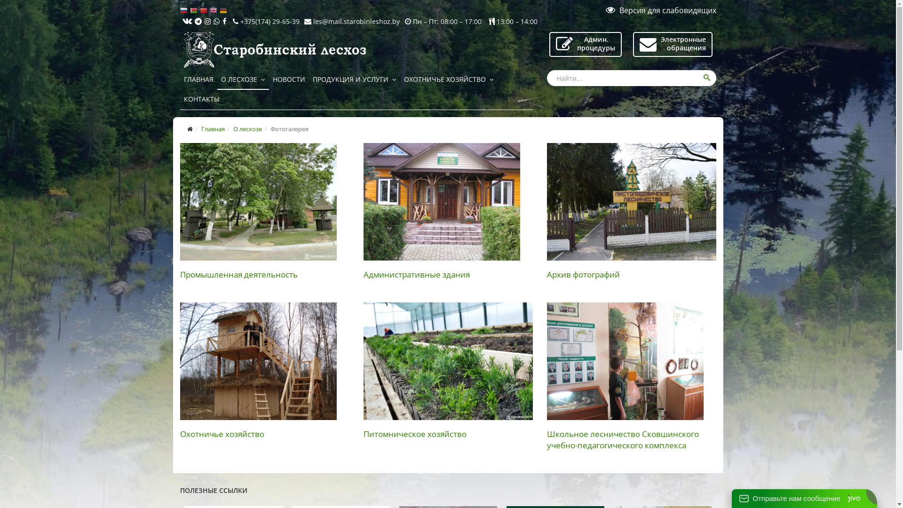 Image resolution: width=903 pixels, height=508 pixels. I want to click on 'English', so click(214, 10).